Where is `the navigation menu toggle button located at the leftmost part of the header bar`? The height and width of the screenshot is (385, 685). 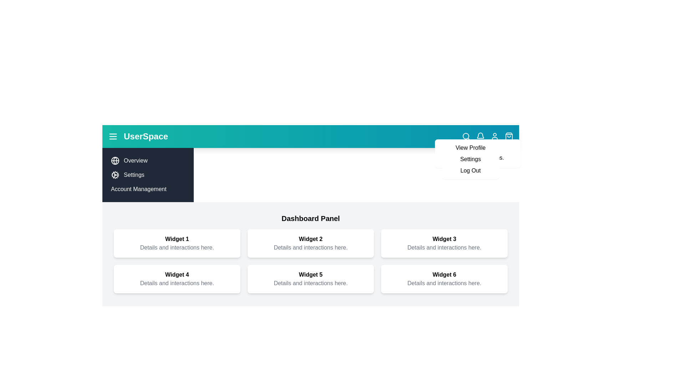 the navigation menu toggle button located at the leftmost part of the header bar is located at coordinates (112, 136).